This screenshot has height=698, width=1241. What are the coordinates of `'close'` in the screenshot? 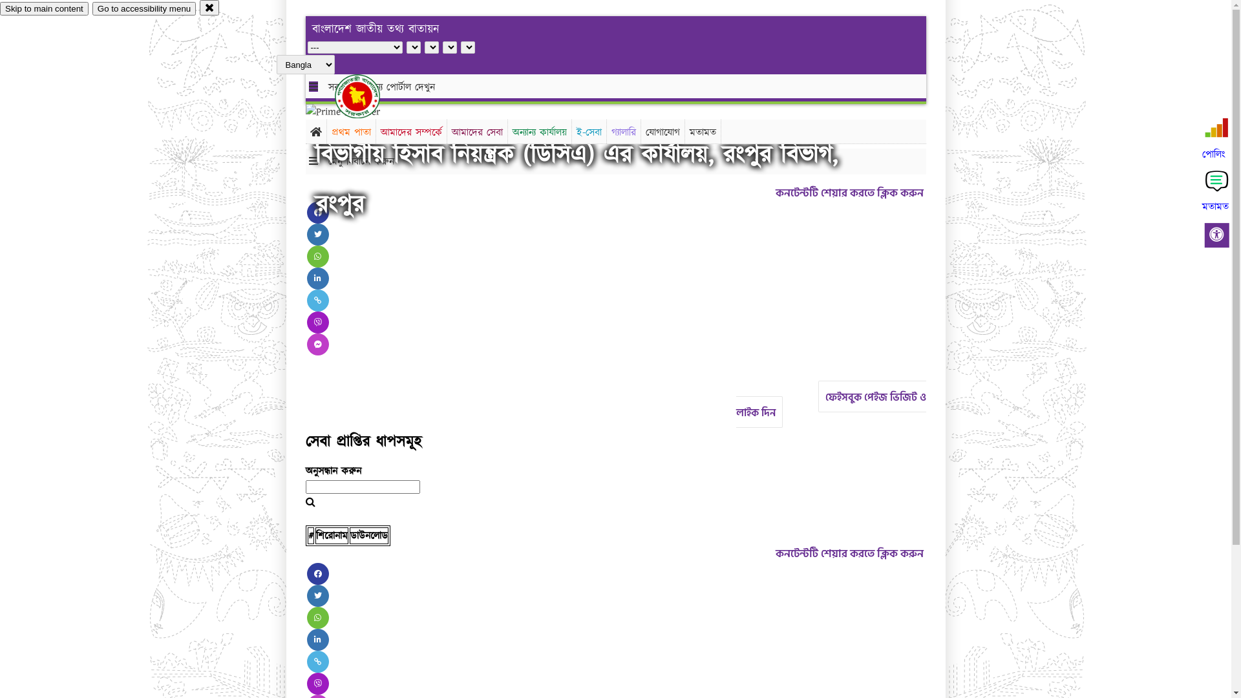 It's located at (209, 7).